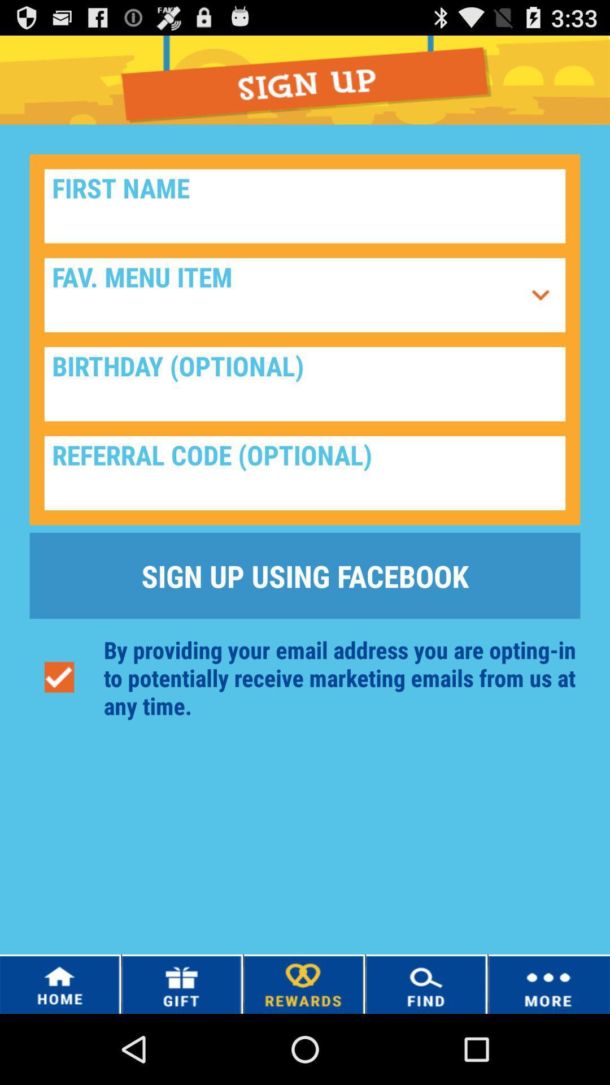 Image resolution: width=610 pixels, height=1085 pixels. I want to click on referral code optional, so click(305, 473).